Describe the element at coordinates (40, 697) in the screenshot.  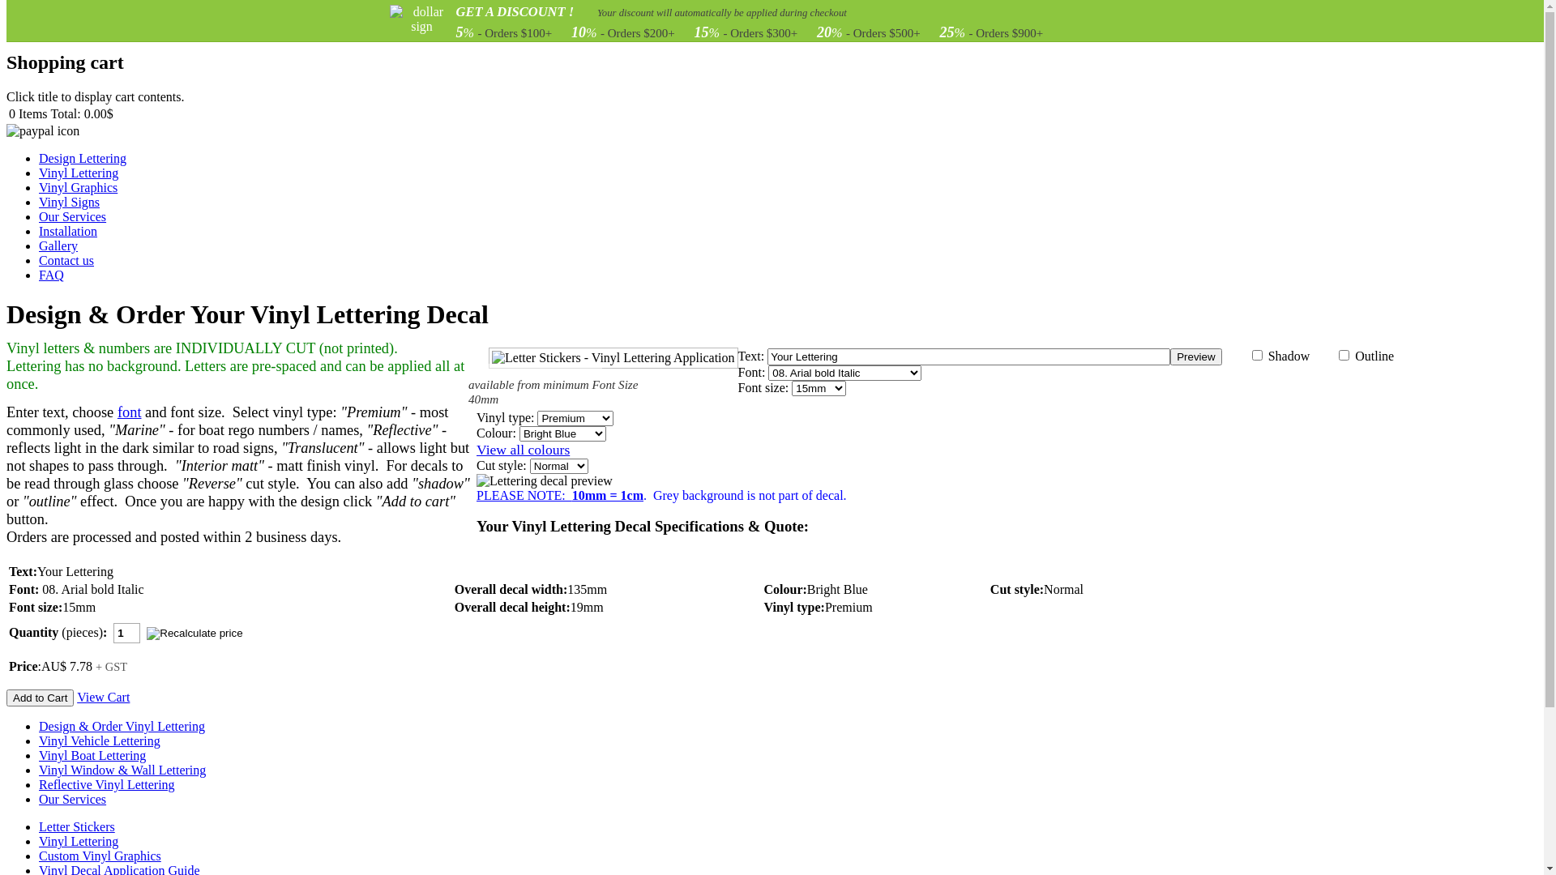
I see `'Add to Cart'` at that location.